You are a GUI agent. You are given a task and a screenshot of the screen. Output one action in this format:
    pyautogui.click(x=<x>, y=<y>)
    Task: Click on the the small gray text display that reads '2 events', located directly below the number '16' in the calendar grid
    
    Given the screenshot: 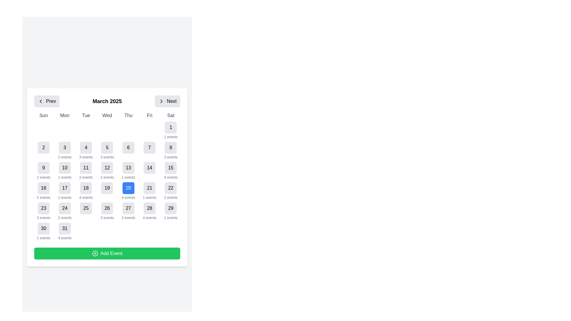 What is the action you would take?
    pyautogui.click(x=43, y=197)
    